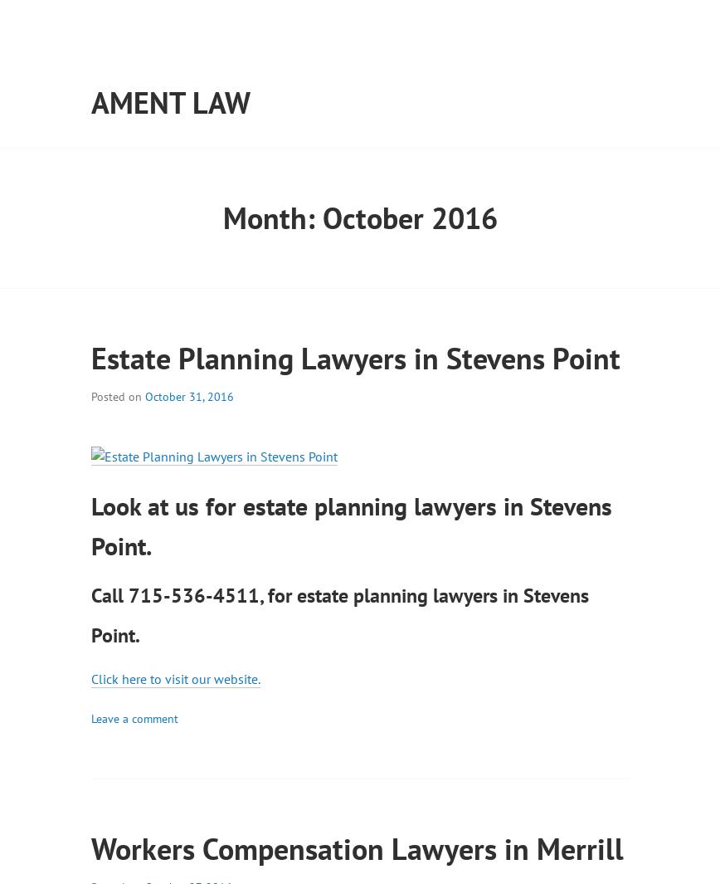 The height and width of the screenshot is (884, 720). Describe the element at coordinates (175, 677) in the screenshot. I see `'Click here to visit our website.'` at that location.